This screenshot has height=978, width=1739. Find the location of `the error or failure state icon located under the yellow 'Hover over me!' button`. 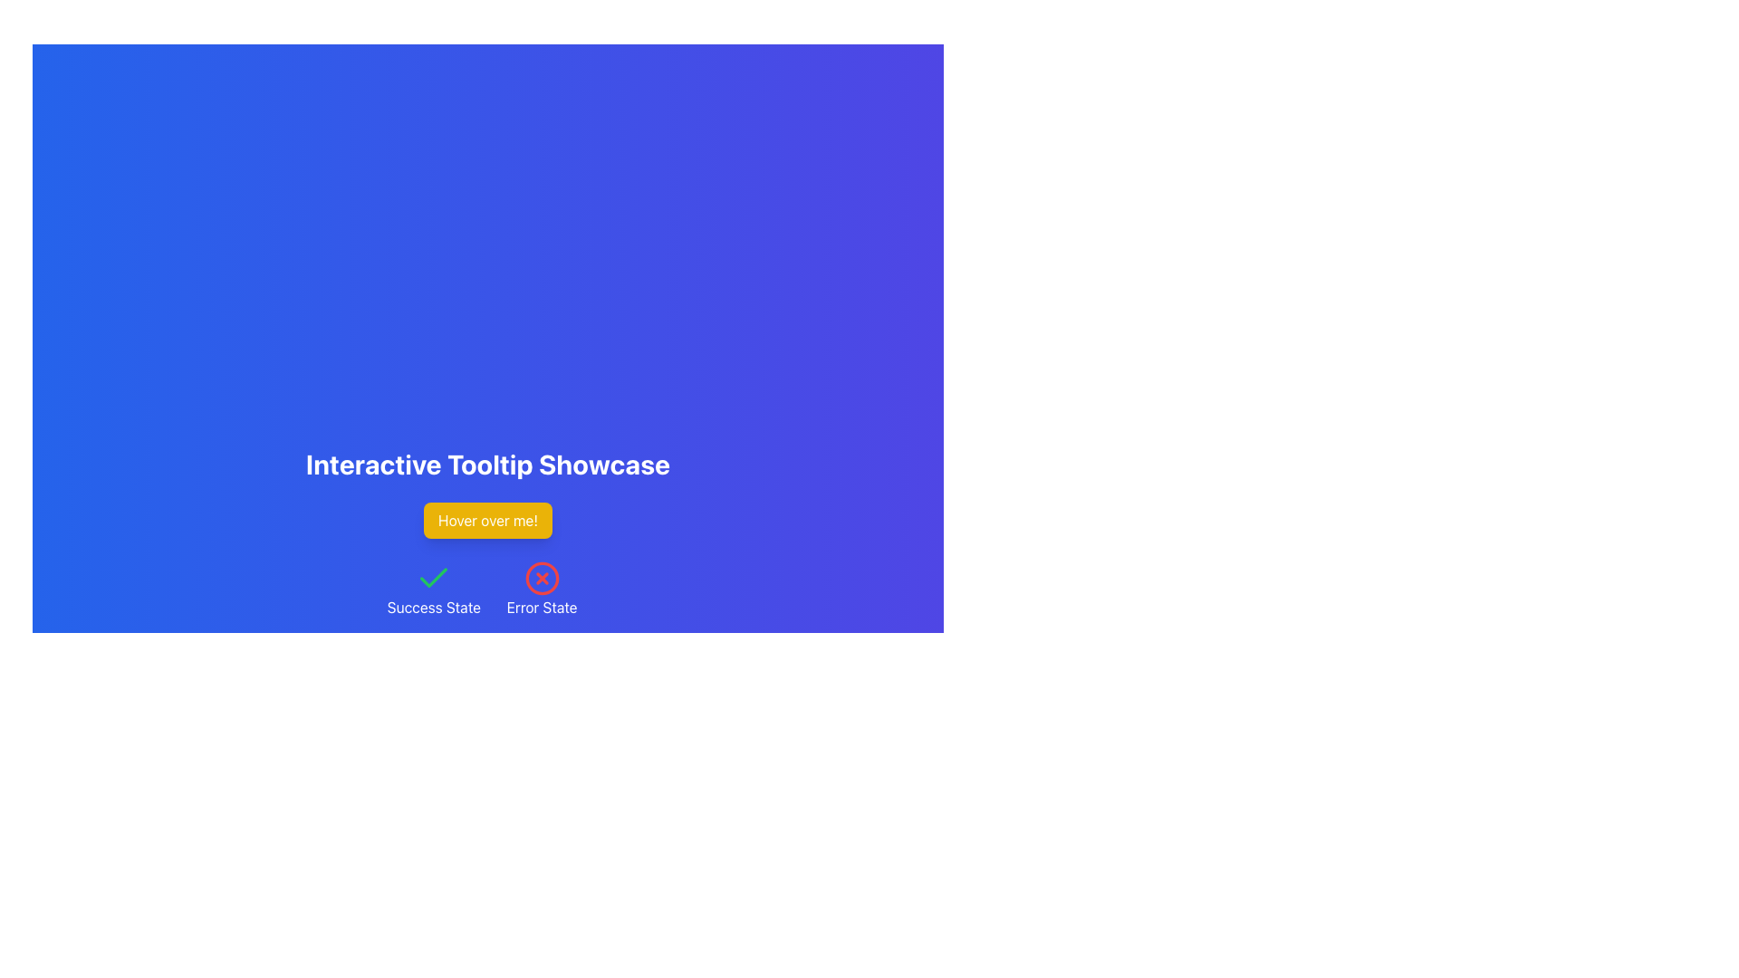

the error or failure state icon located under the yellow 'Hover over me!' button is located at coordinates (541, 579).